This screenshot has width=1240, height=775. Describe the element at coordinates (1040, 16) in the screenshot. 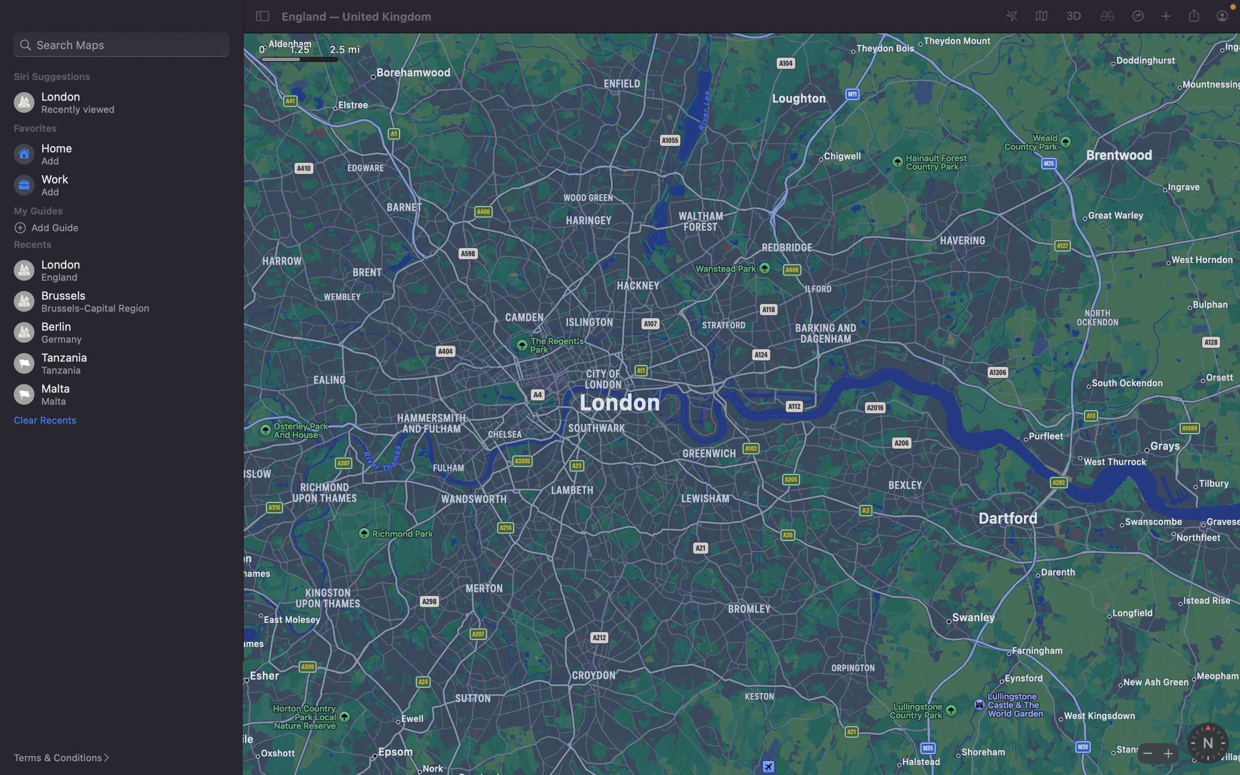

I see `the mode menu` at that location.